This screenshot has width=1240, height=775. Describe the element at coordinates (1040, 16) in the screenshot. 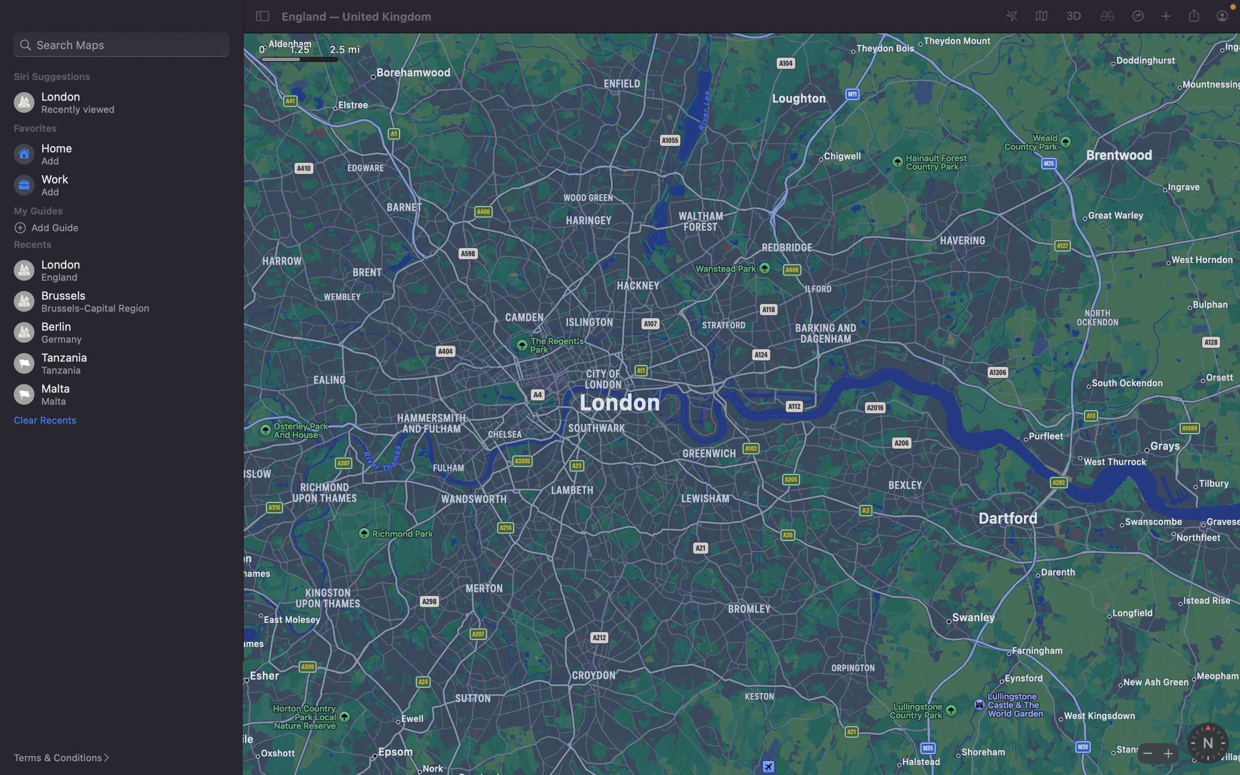

I see `the mode menu` at that location.